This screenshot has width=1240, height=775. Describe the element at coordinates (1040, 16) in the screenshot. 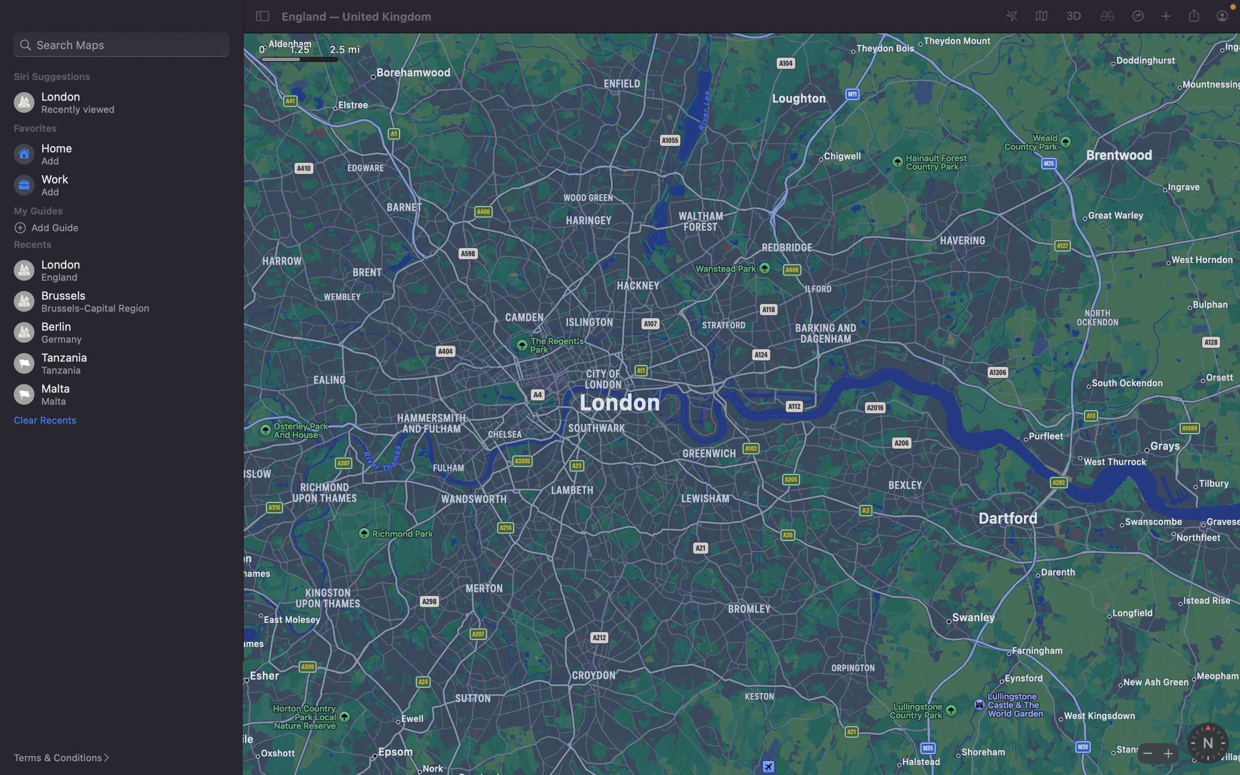

I see `the mode menu` at that location.